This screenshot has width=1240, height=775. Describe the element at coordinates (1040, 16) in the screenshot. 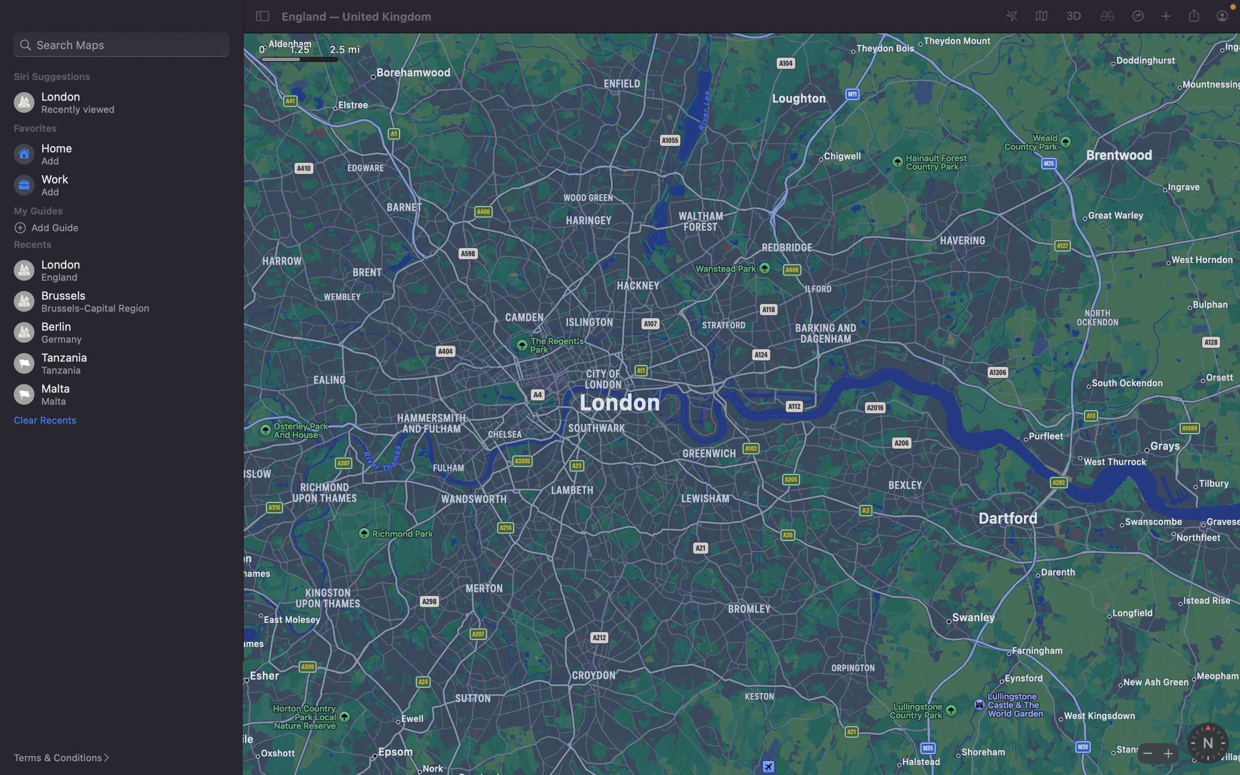

I see `the mode menu` at that location.